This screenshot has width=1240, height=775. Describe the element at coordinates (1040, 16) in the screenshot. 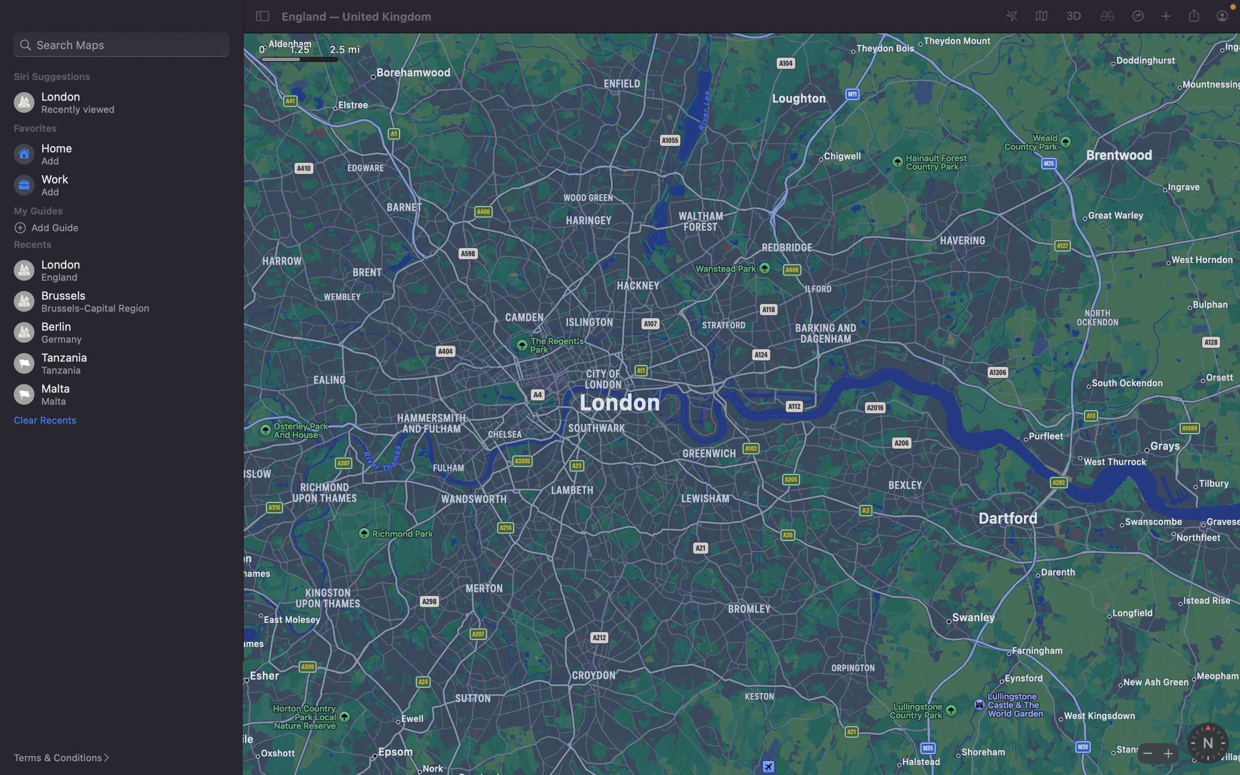

I see `the mode menu` at that location.